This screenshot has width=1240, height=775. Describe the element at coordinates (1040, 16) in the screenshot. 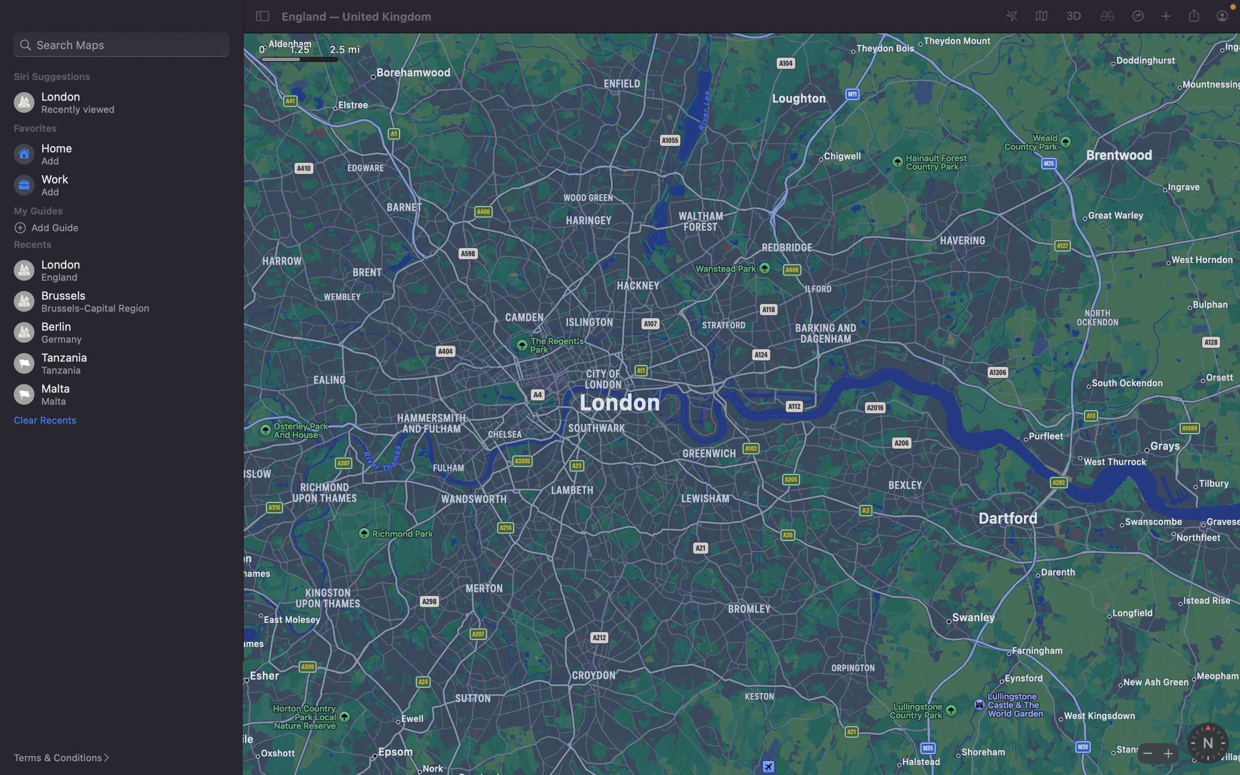

I see `the mode menu` at that location.